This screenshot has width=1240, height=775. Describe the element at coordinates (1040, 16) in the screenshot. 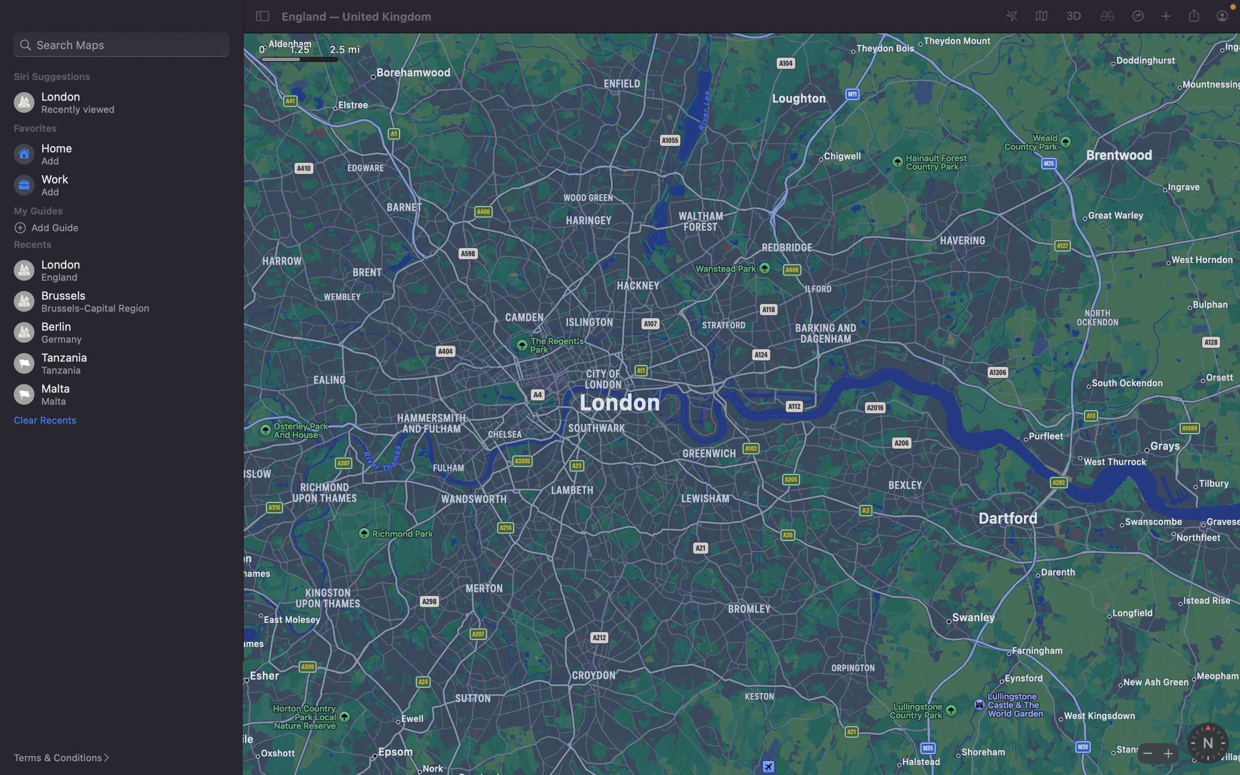

I see `the mode menu` at that location.